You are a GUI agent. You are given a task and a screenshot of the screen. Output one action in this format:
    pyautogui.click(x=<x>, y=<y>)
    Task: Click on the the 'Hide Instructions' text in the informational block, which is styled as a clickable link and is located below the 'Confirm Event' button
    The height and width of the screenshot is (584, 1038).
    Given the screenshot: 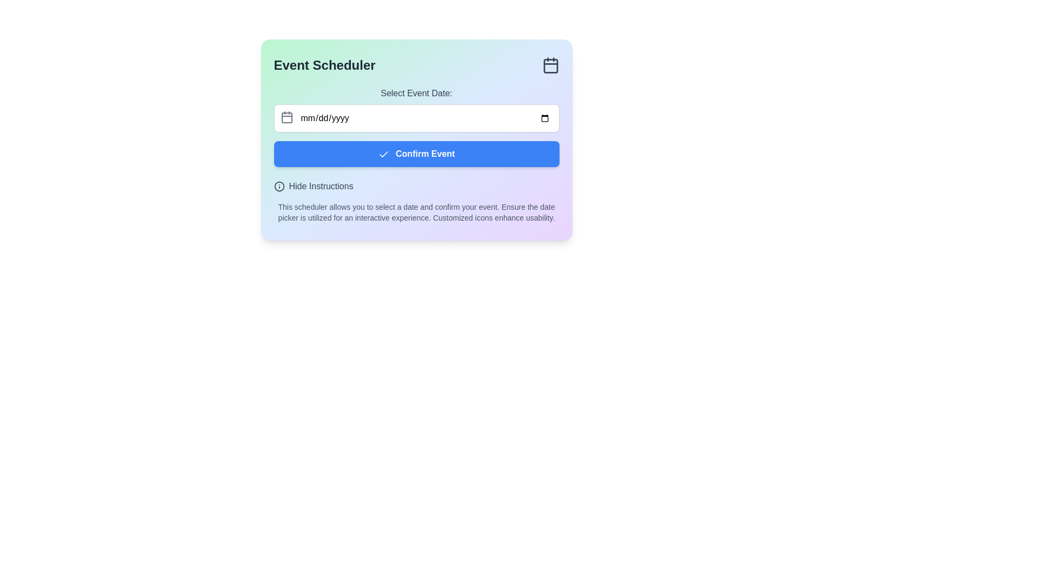 What is the action you would take?
    pyautogui.click(x=416, y=202)
    